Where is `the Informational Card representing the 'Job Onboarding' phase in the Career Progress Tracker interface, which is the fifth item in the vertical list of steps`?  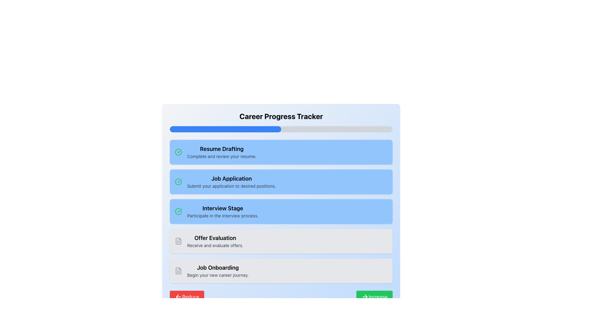
the Informational Card representing the 'Job Onboarding' phase in the Career Progress Tracker interface, which is the fifth item in the vertical list of steps is located at coordinates (281, 270).